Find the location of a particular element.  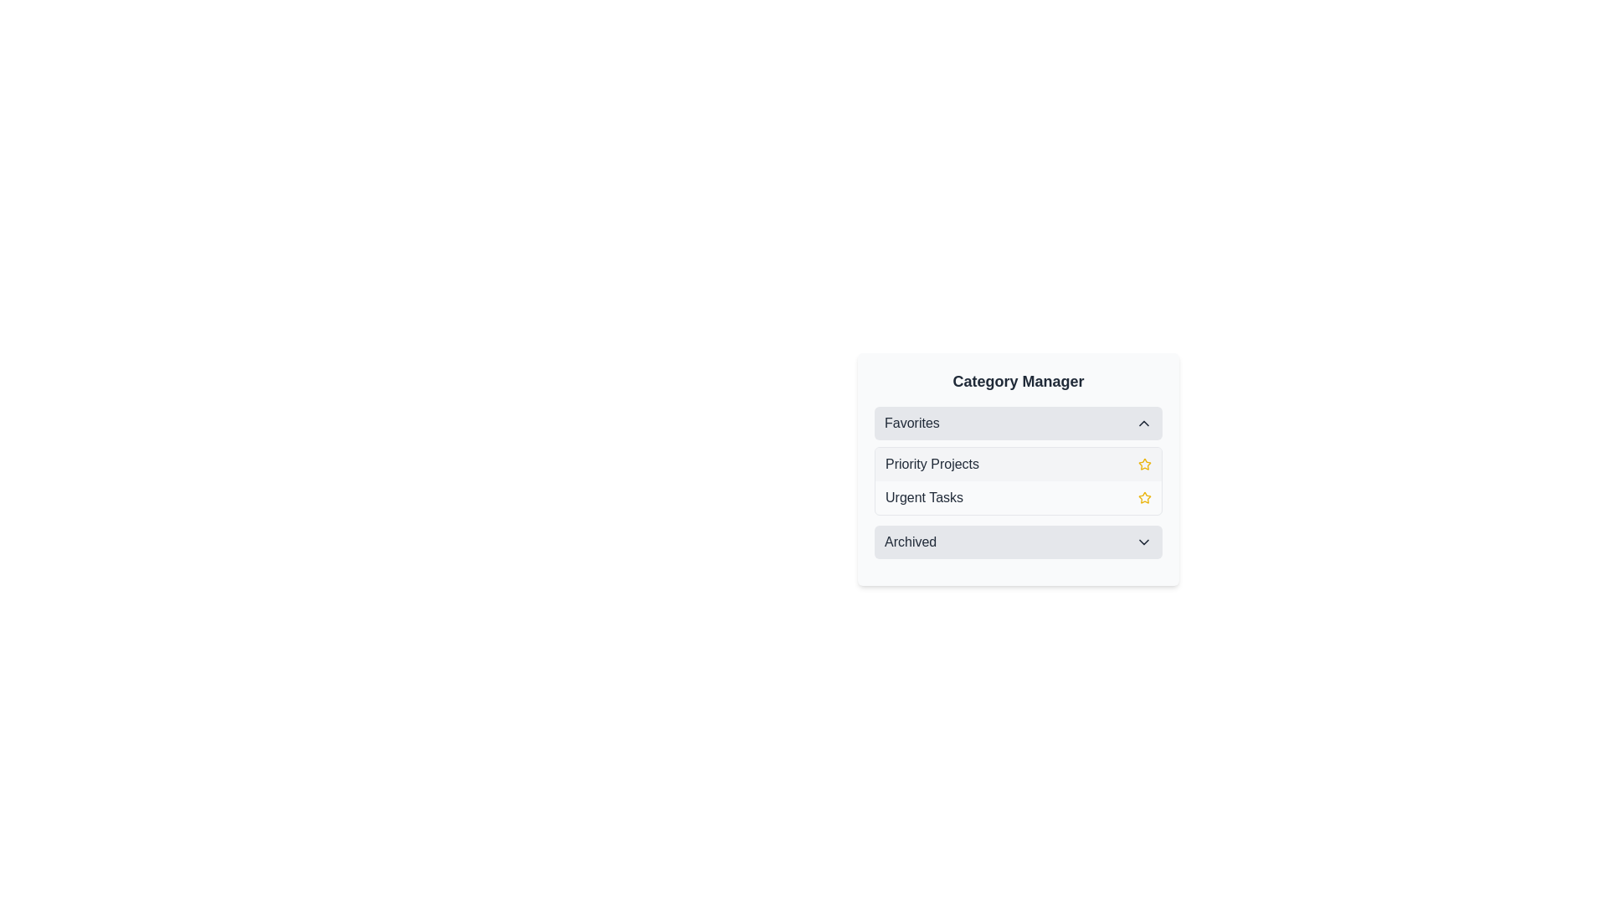

the downward-facing chevron icon located to the right of the 'Archived' label in the bottom section of the vertical list under 'Category Manager' is located at coordinates (1143, 542).